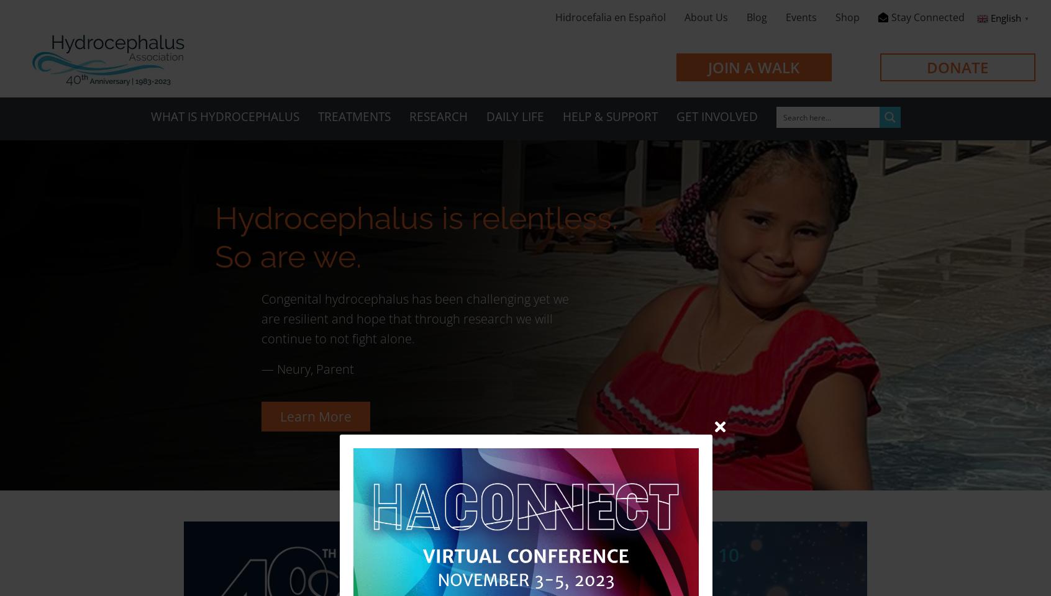 Image resolution: width=1051 pixels, height=596 pixels. I want to click on 'What is Hydrocephalus', so click(224, 116).